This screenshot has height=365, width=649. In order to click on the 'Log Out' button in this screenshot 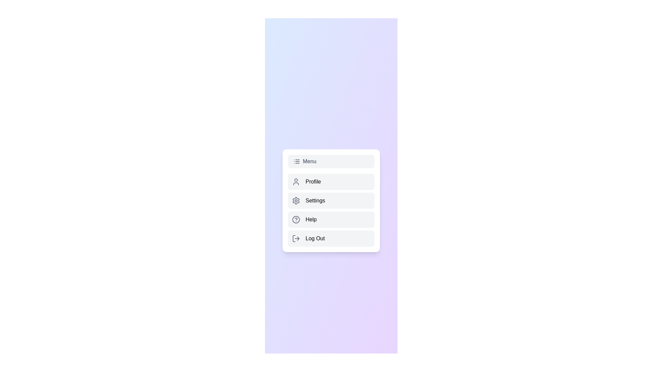, I will do `click(331, 238)`.